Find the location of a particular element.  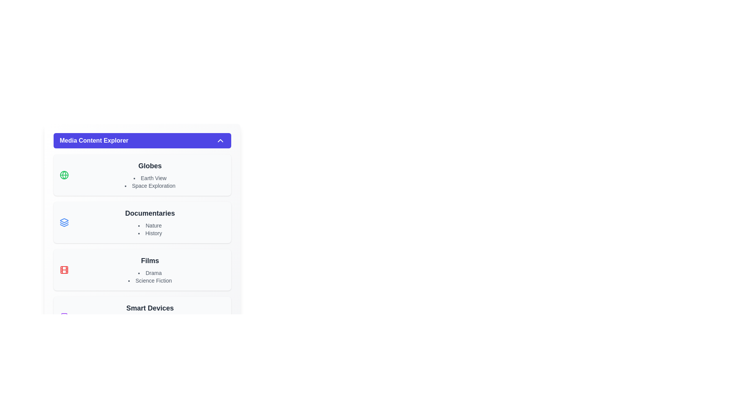

the upward-pointing chevron icon located on the right-hand side of the 'Media Content Explorer' header is located at coordinates (220, 140).